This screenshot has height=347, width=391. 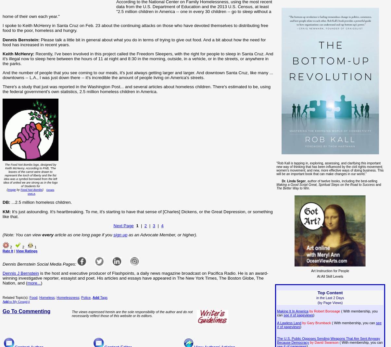 What do you see at coordinates (33, 297) in the screenshot?
I see `'Food'` at bounding box center [33, 297].